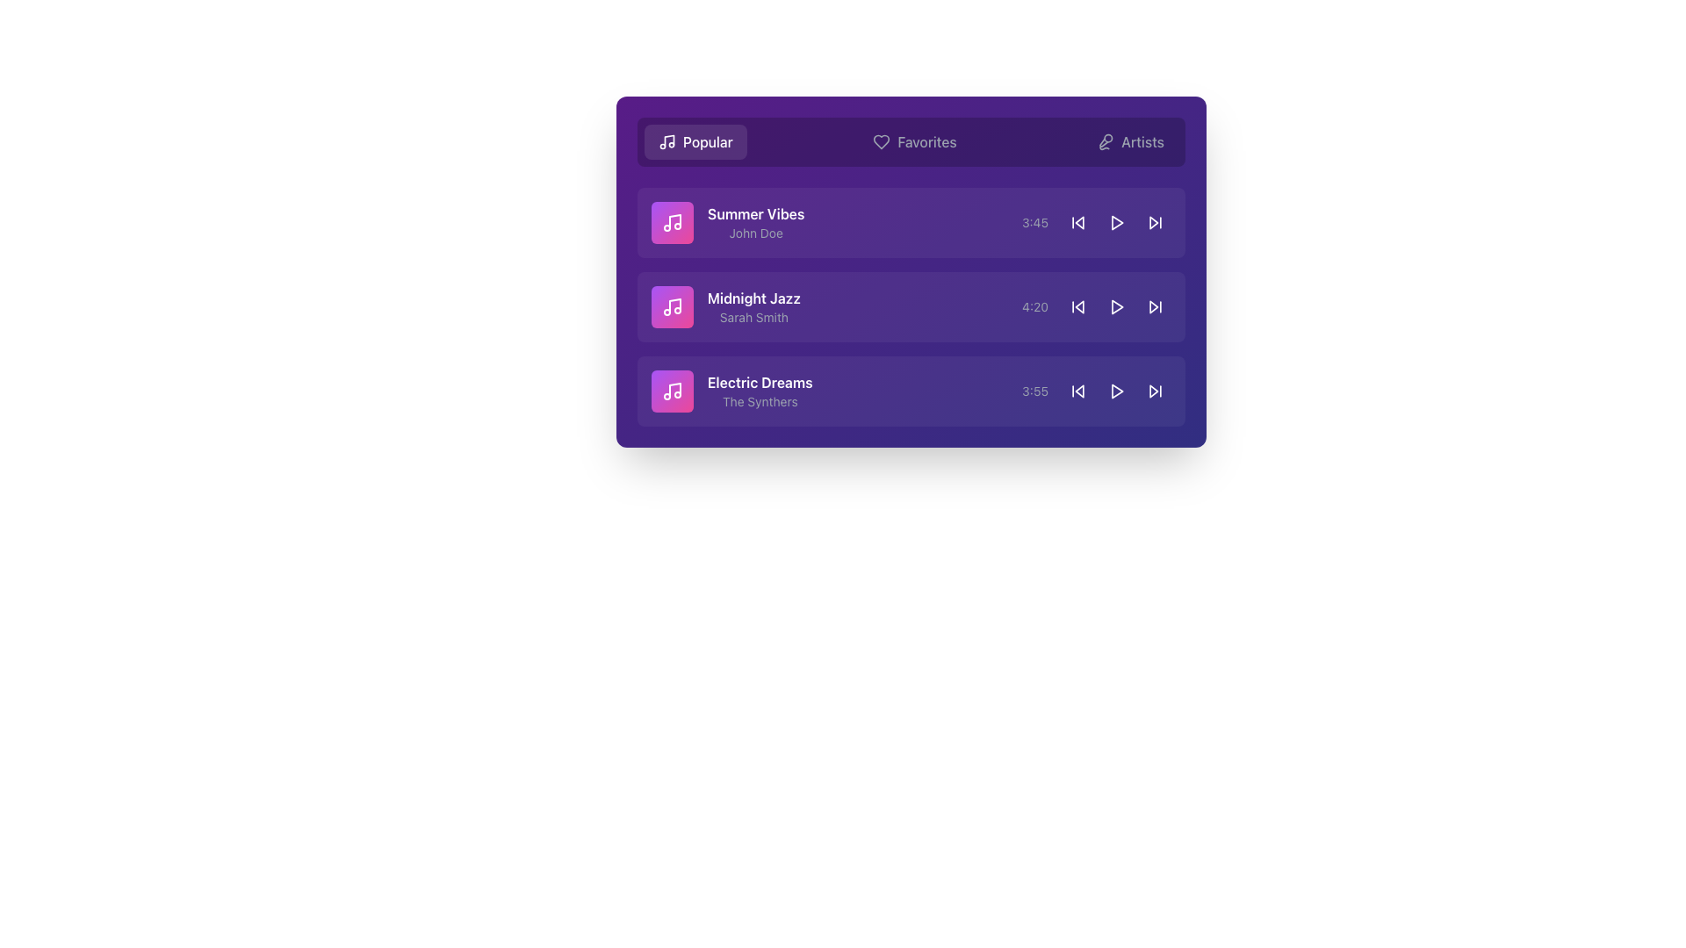  Describe the element at coordinates (1077, 391) in the screenshot. I see `the circular button with a purple background and a white backward skip icon, located to the left of the play button associated with the 'Electric Dreams' song` at that location.